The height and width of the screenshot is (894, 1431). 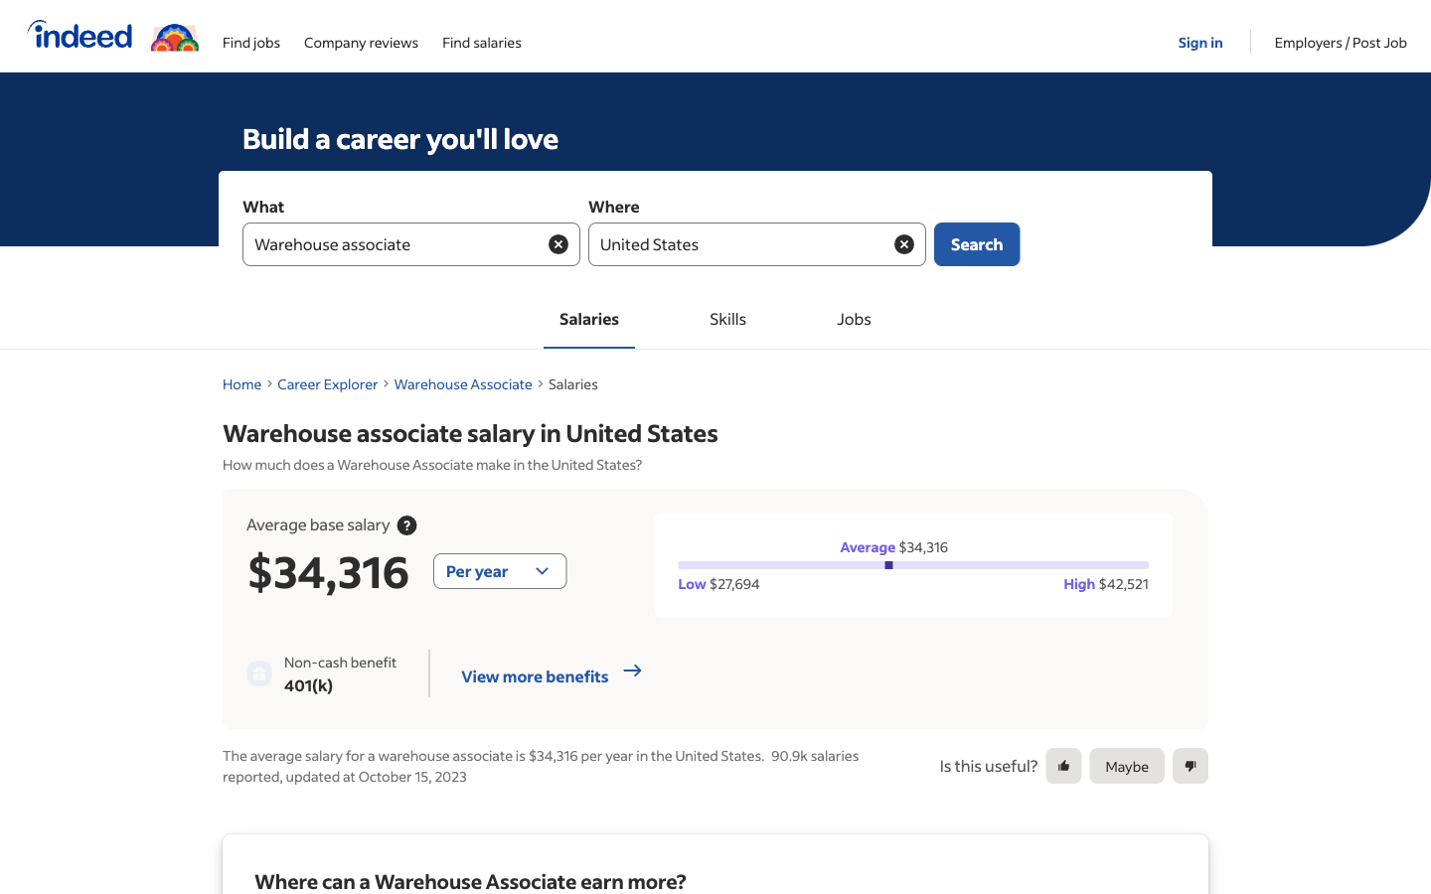 What do you see at coordinates (903, 242) in the screenshot?
I see `Deselect the work region of "United States` at bounding box center [903, 242].